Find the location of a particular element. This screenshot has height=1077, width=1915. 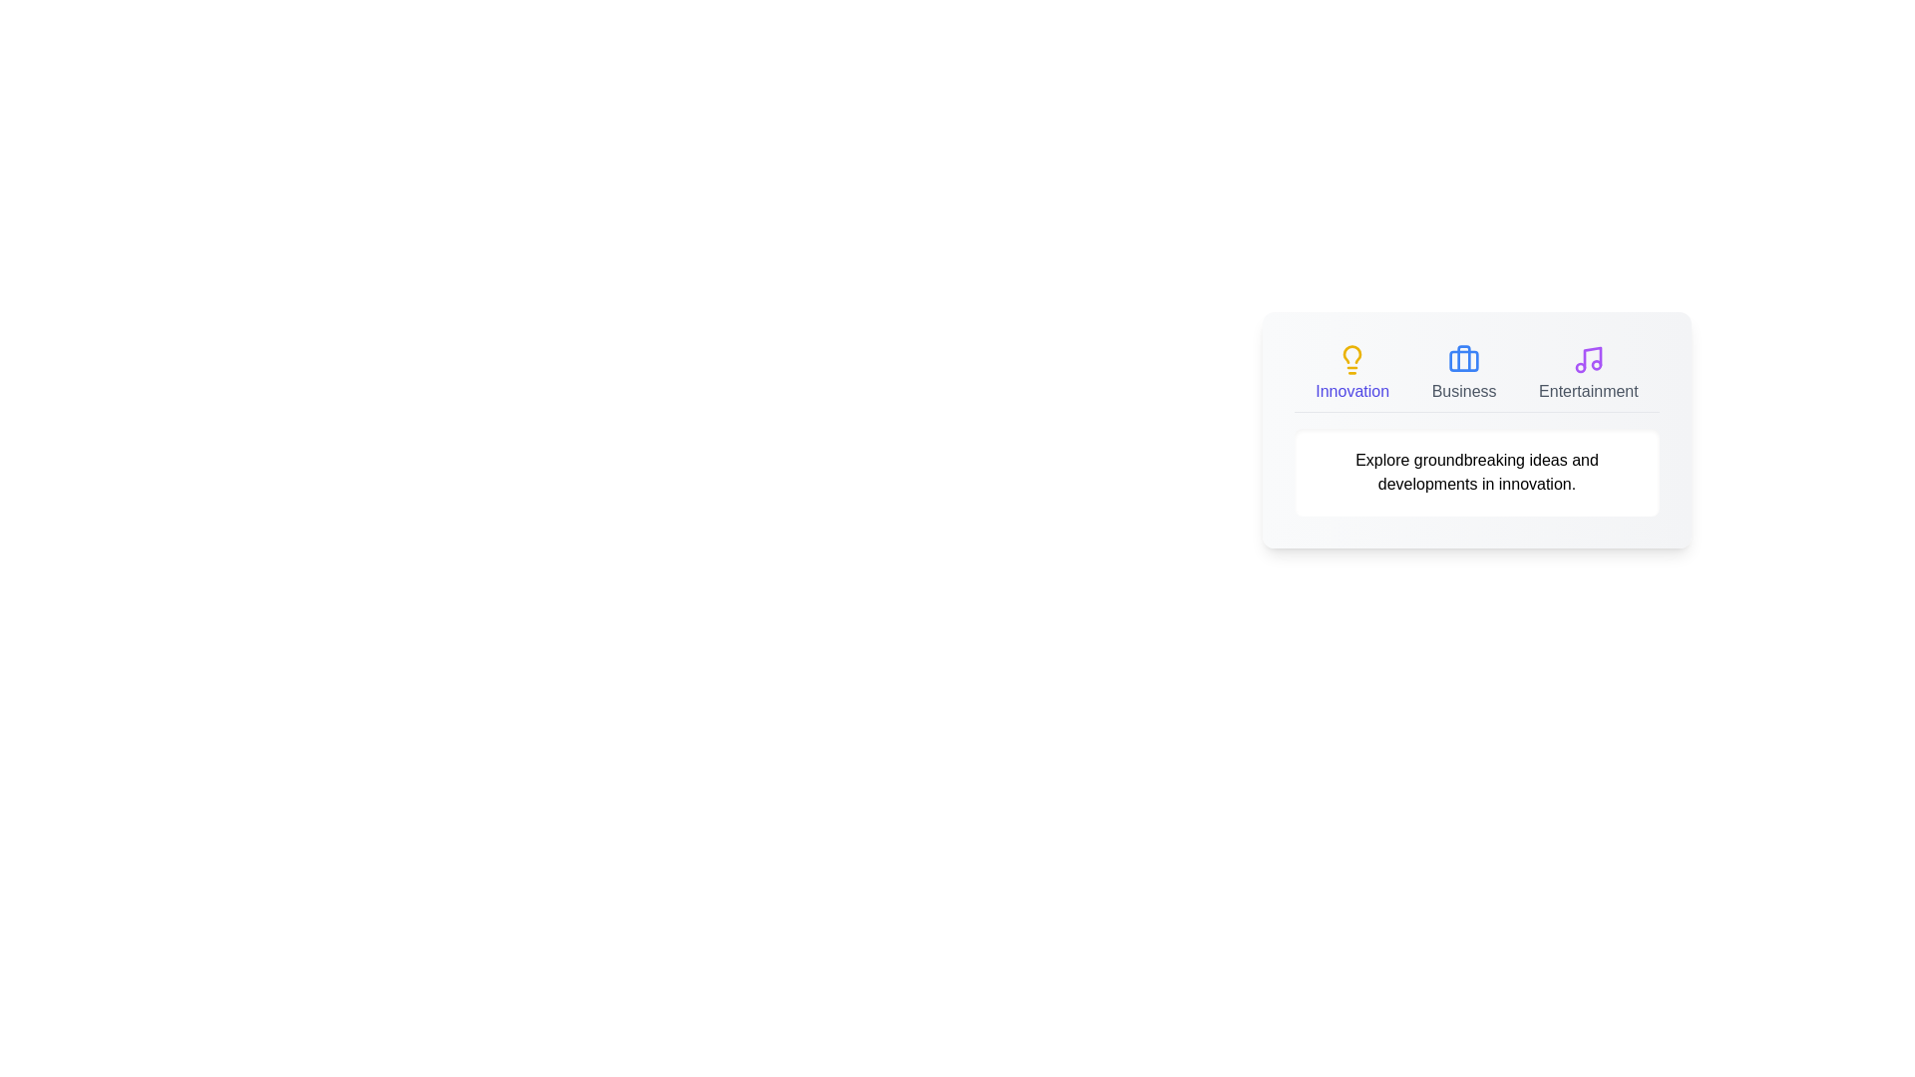

the tab button corresponding to Entertainment is located at coordinates (1587, 373).